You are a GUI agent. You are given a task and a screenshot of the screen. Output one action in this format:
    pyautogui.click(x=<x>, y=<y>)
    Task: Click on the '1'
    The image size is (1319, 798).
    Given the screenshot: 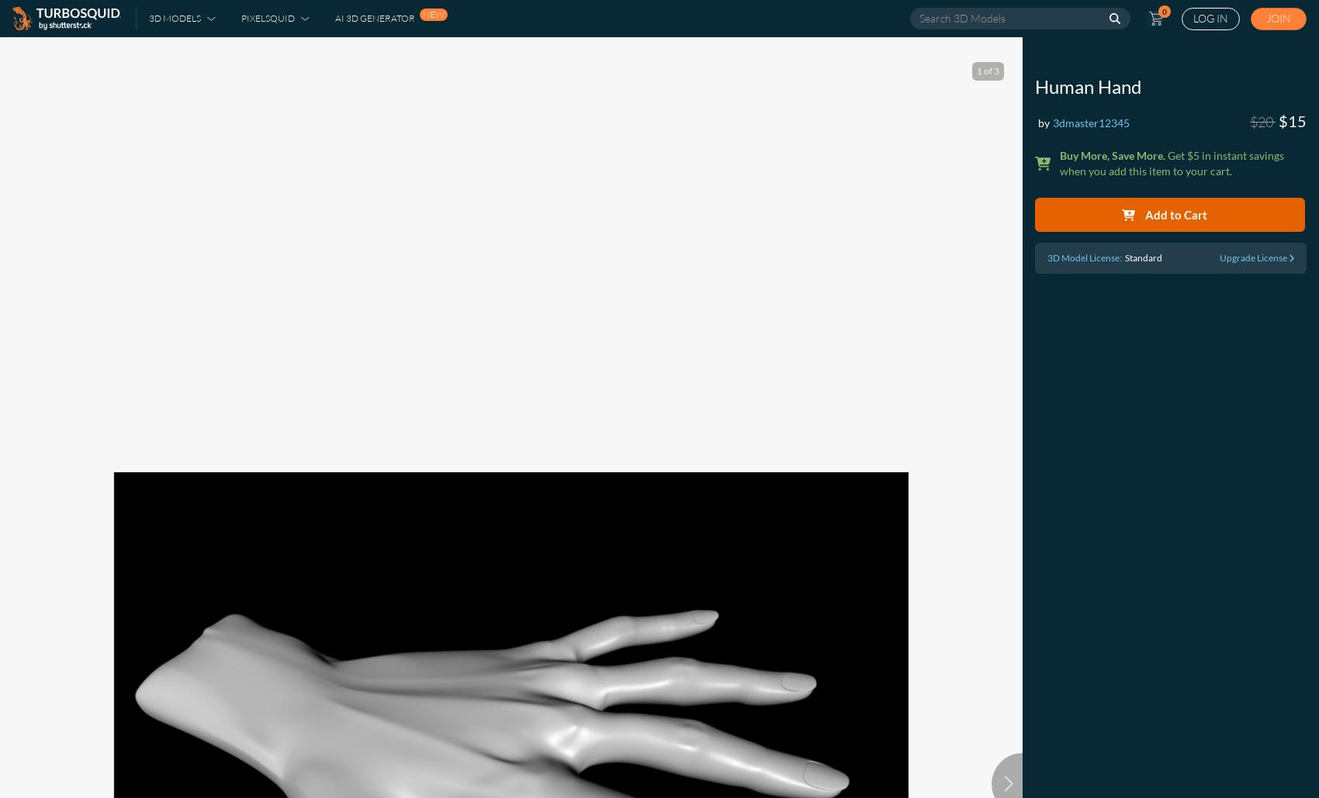 What is the action you would take?
    pyautogui.click(x=978, y=70)
    